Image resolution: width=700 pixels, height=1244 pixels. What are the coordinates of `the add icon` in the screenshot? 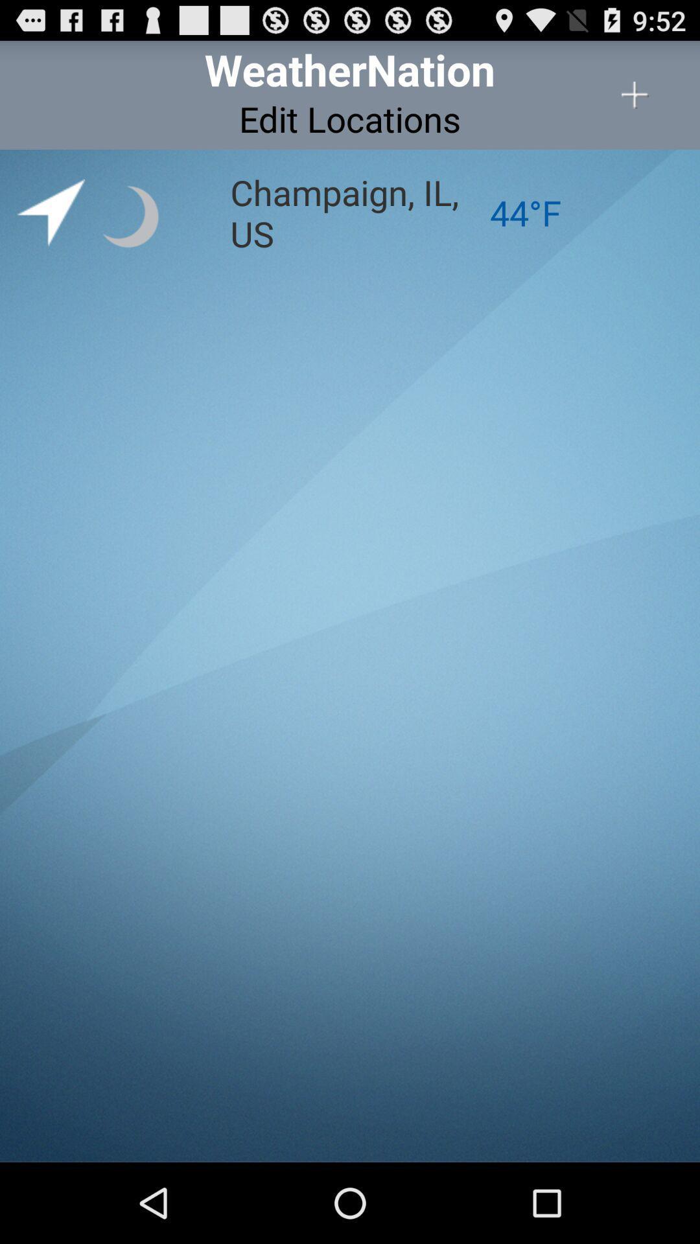 It's located at (635, 101).